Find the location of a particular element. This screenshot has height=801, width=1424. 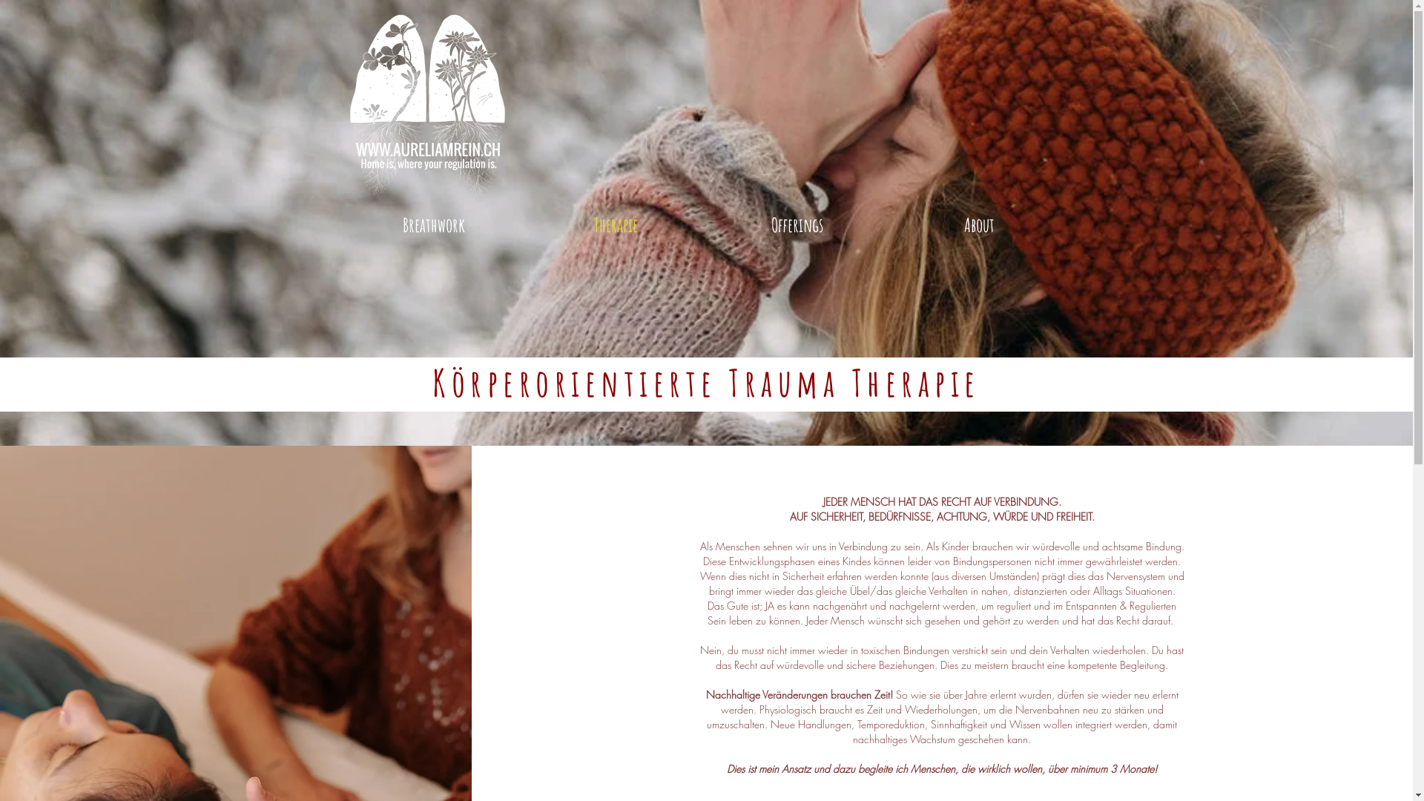

'Therapie' is located at coordinates (616, 225).